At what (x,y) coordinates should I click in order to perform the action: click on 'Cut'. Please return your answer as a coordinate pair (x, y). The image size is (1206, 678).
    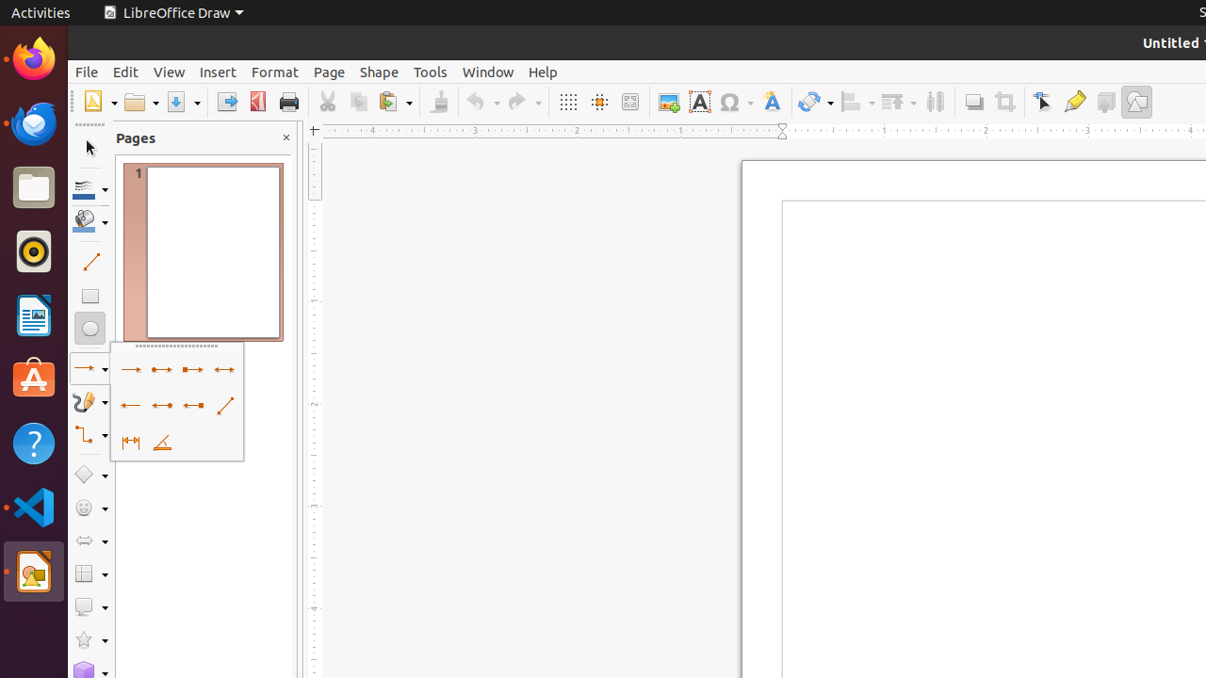
    Looking at the image, I should click on (327, 102).